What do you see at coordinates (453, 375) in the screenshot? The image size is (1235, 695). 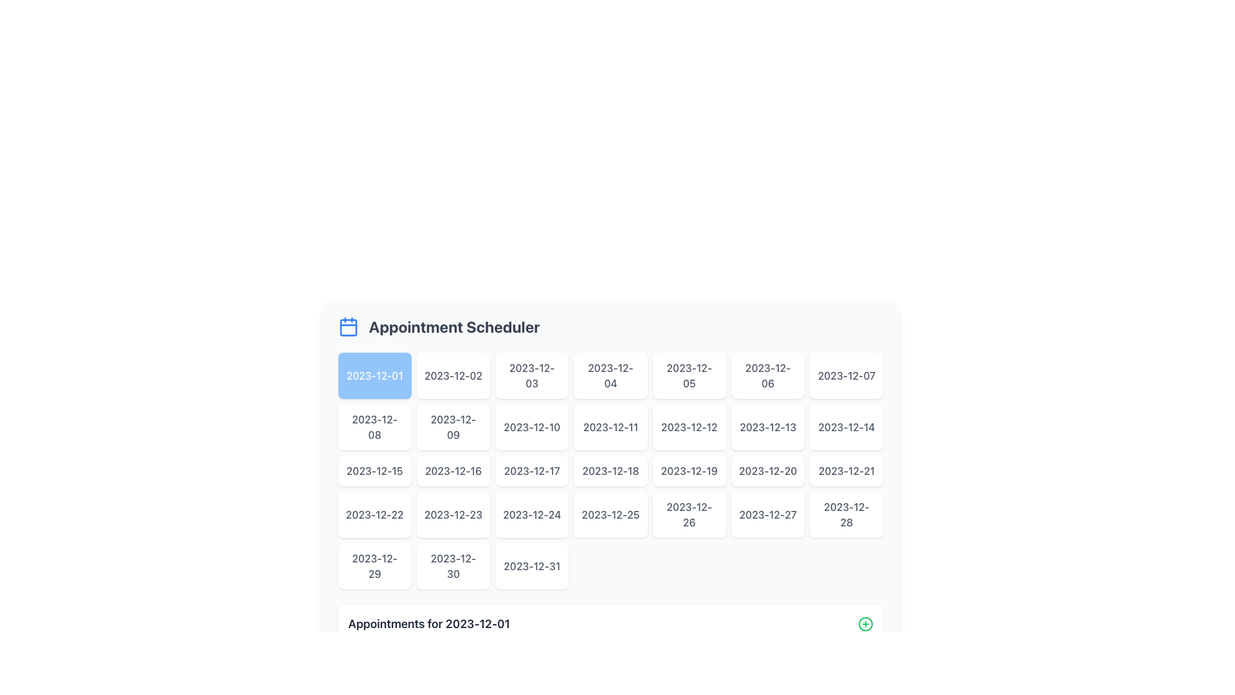 I see `the button for selecting the date '2023-12-02' in the Appointment Scheduler section` at bounding box center [453, 375].